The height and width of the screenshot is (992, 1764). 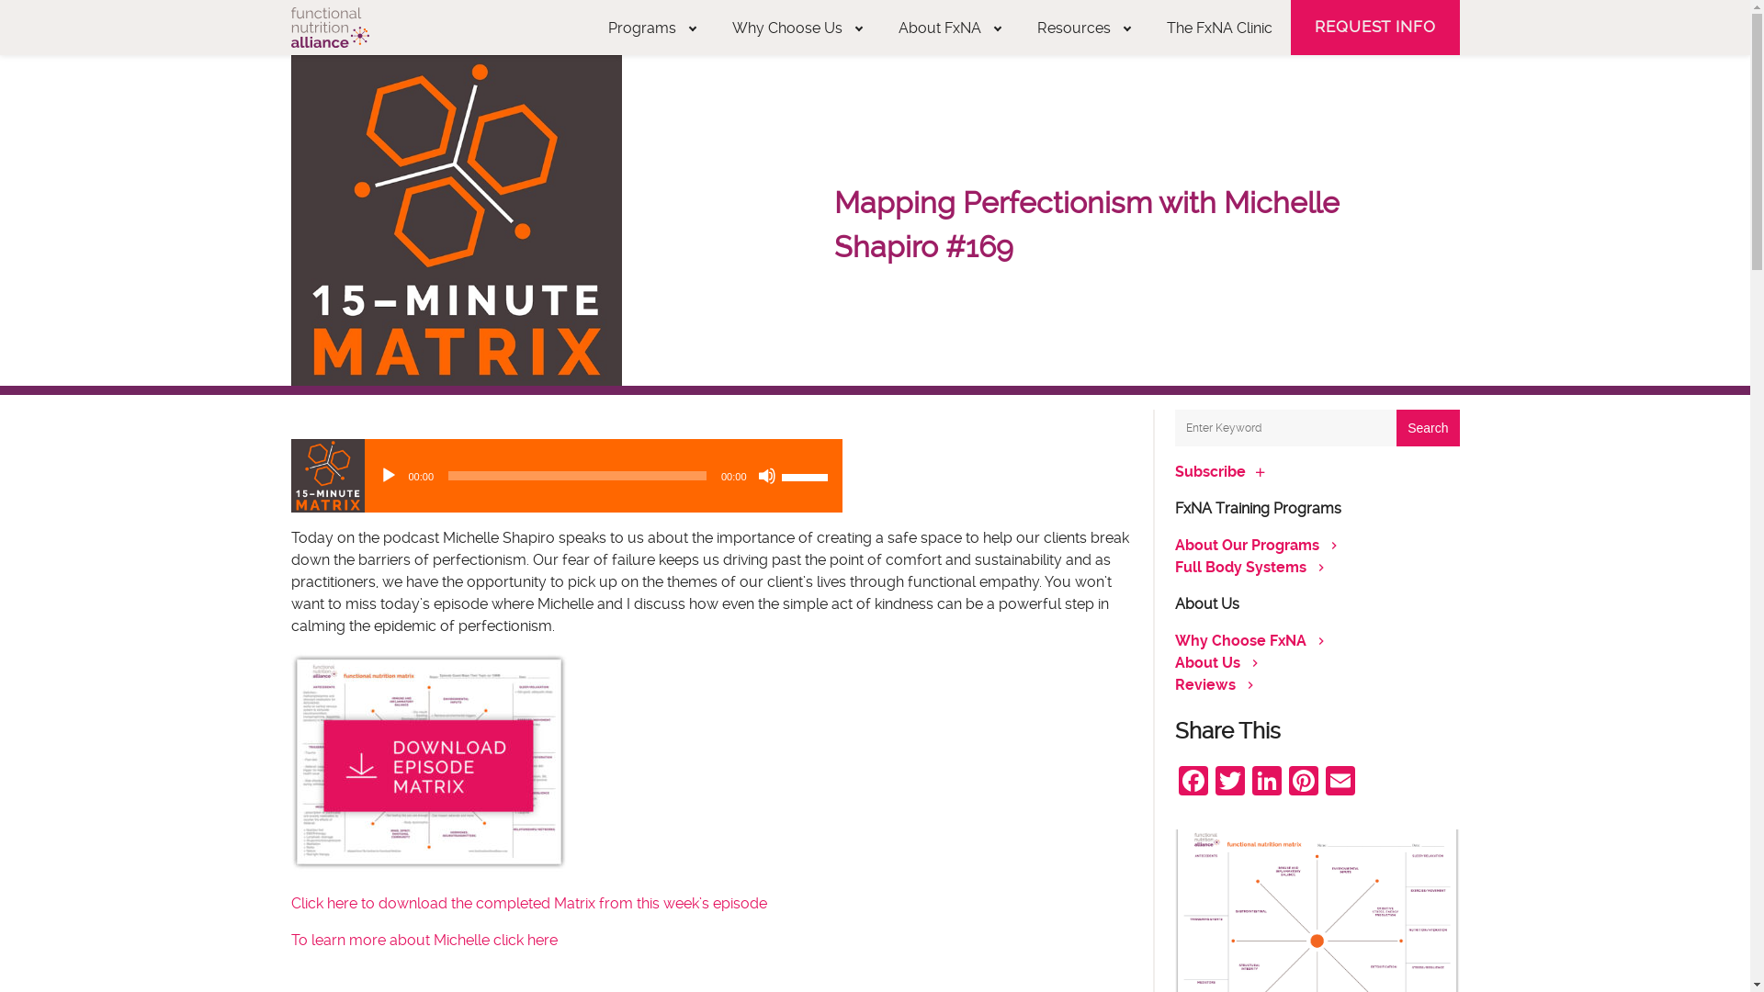 I want to click on 'Mute', so click(x=766, y=474).